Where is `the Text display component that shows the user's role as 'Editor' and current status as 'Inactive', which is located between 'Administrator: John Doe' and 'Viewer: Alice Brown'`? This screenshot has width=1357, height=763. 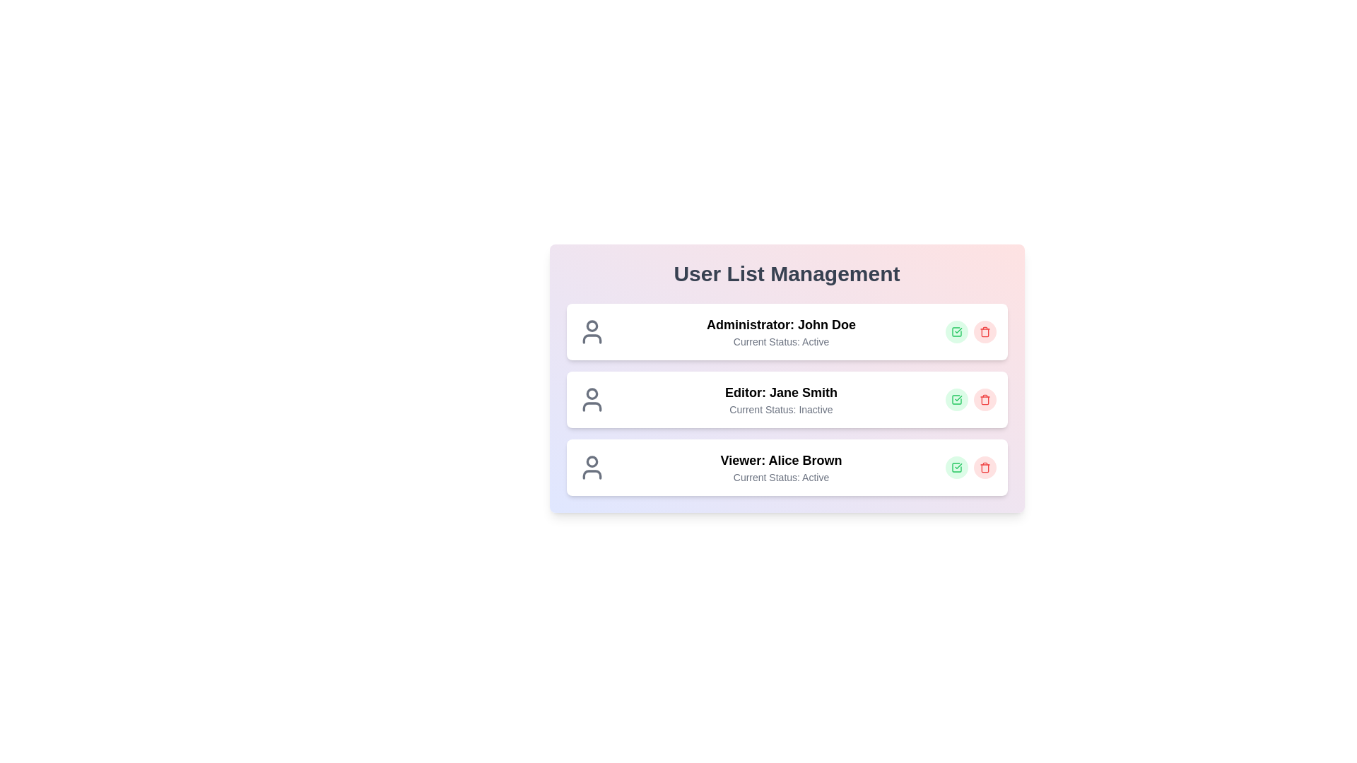 the Text display component that shows the user's role as 'Editor' and current status as 'Inactive', which is located between 'Administrator: John Doe' and 'Viewer: Alice Brown' is located at coordinates (780, 400).